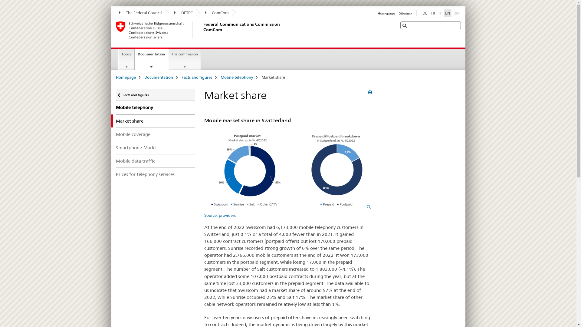 This screenshot has height=327, width=581. Describe the element at coordinates (155, 107) in the screenshot. I see `'Mobile telephony'` at that location.